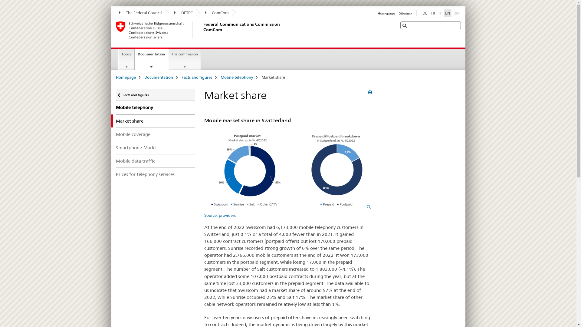 This screenshot has height=327, width=581. Describe the element at coordinates (155, 107) in the screenshot. I see `'Mobile telephony'` at that location.